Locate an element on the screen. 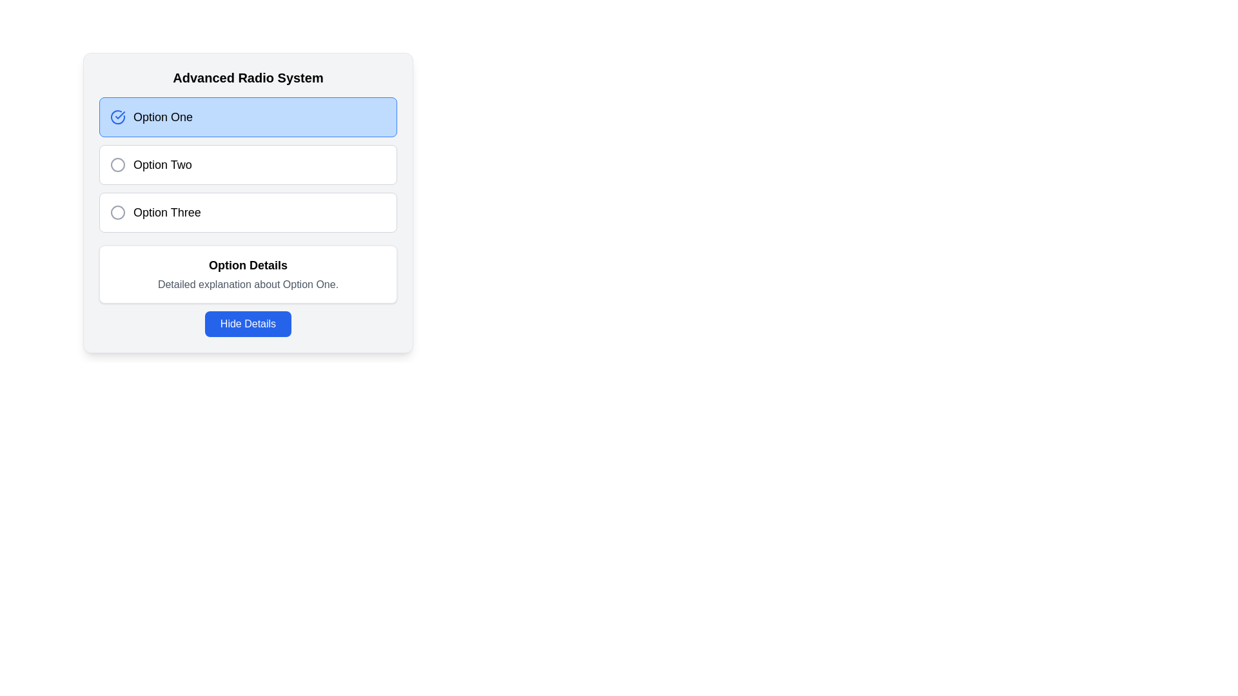  the radio button labeled 'Option Two', which is styled with a white background and gray border is located at coordinates (248, 164).